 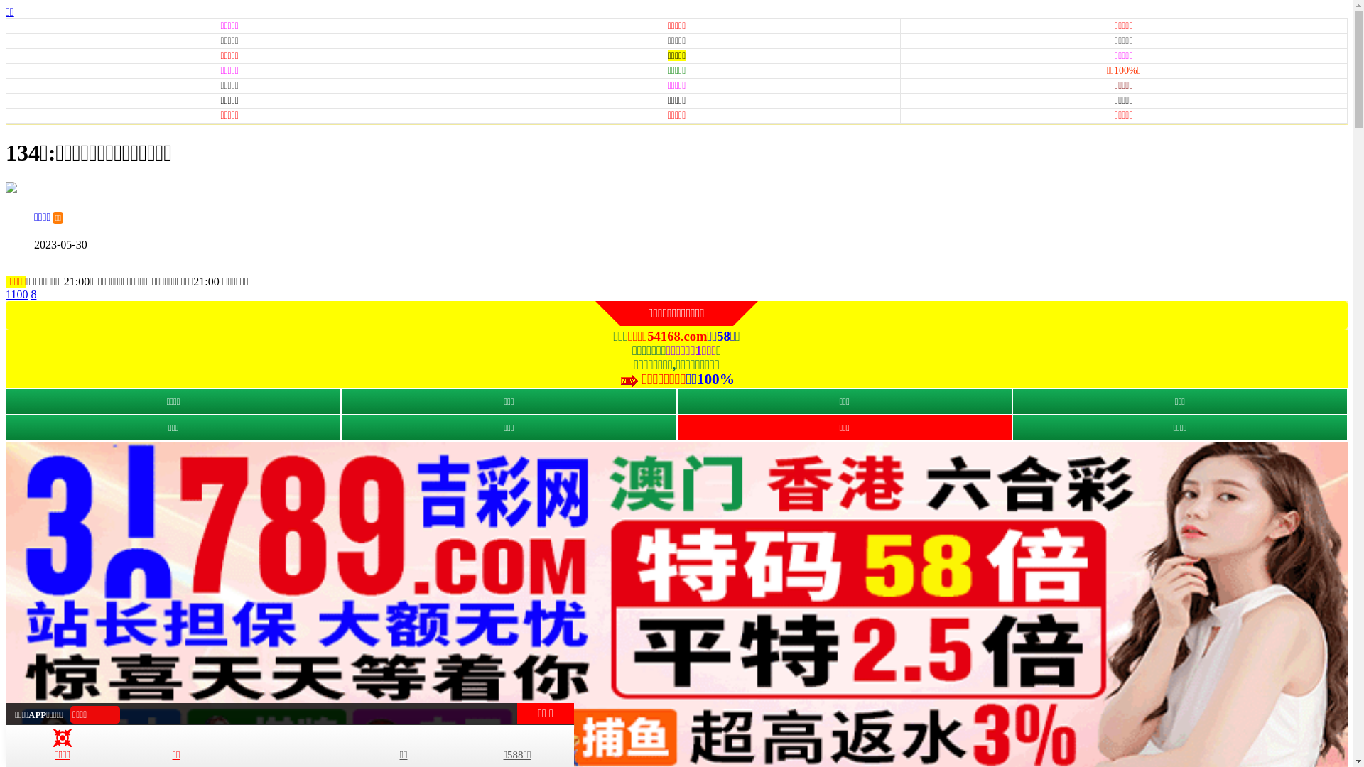 I want to click on '8', so click(x=33, y=293).